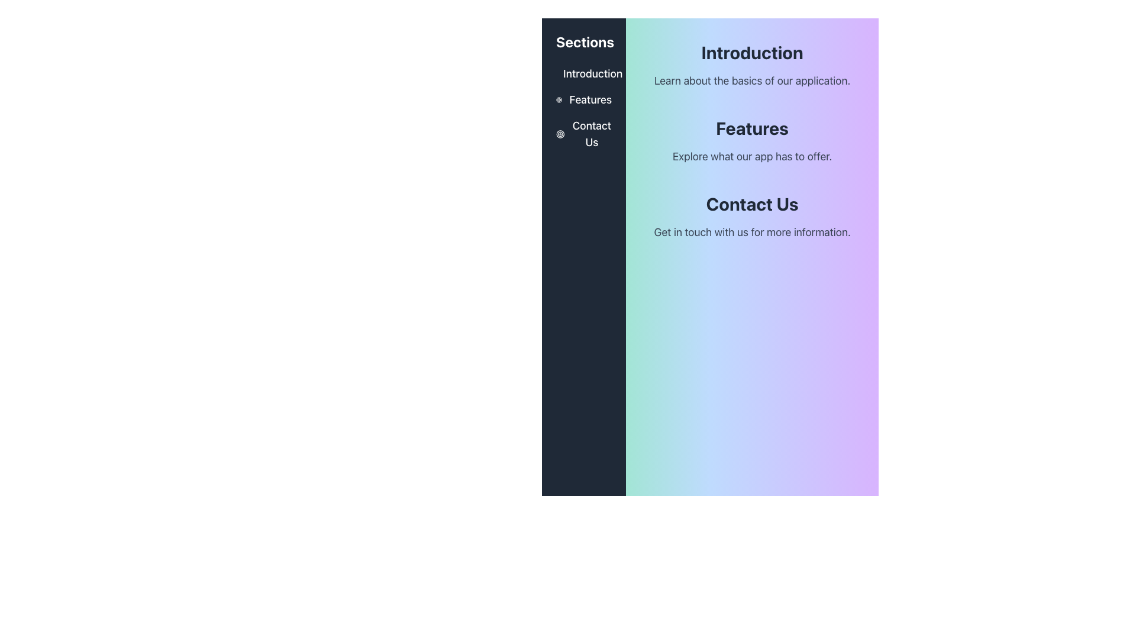 The image size is (1136, 639). What do you see at coordinates (751, 128) in the screenshot?
I see `the prominent text component displaying the word 'Features', which is located centrally below the title 'Introduction' and above the description 'Explore what our app has to offer'` at bounding box center [751, 128].